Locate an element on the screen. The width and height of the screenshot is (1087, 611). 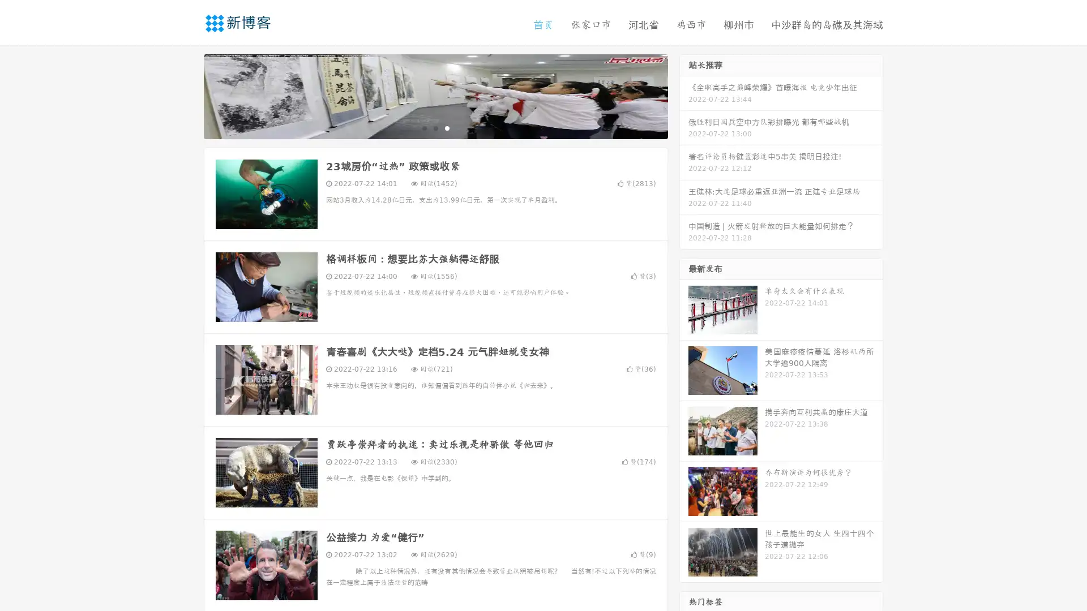
Go to slide 3 is located at coordinates (447, 127).